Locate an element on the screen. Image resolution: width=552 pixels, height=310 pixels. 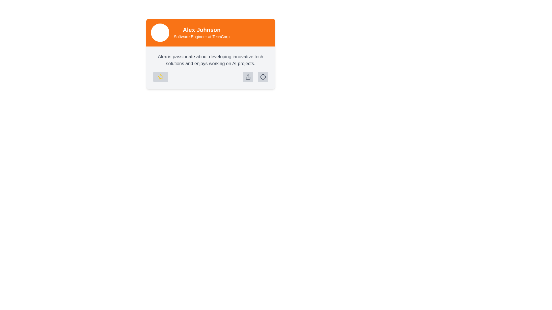
the text element reading 'Software Engineer at TechCorp' which is displayed in bold white text on an orange background, located directly below 'Alex Johnson' in the header section of the profile block is located at coordinates (202, 36).